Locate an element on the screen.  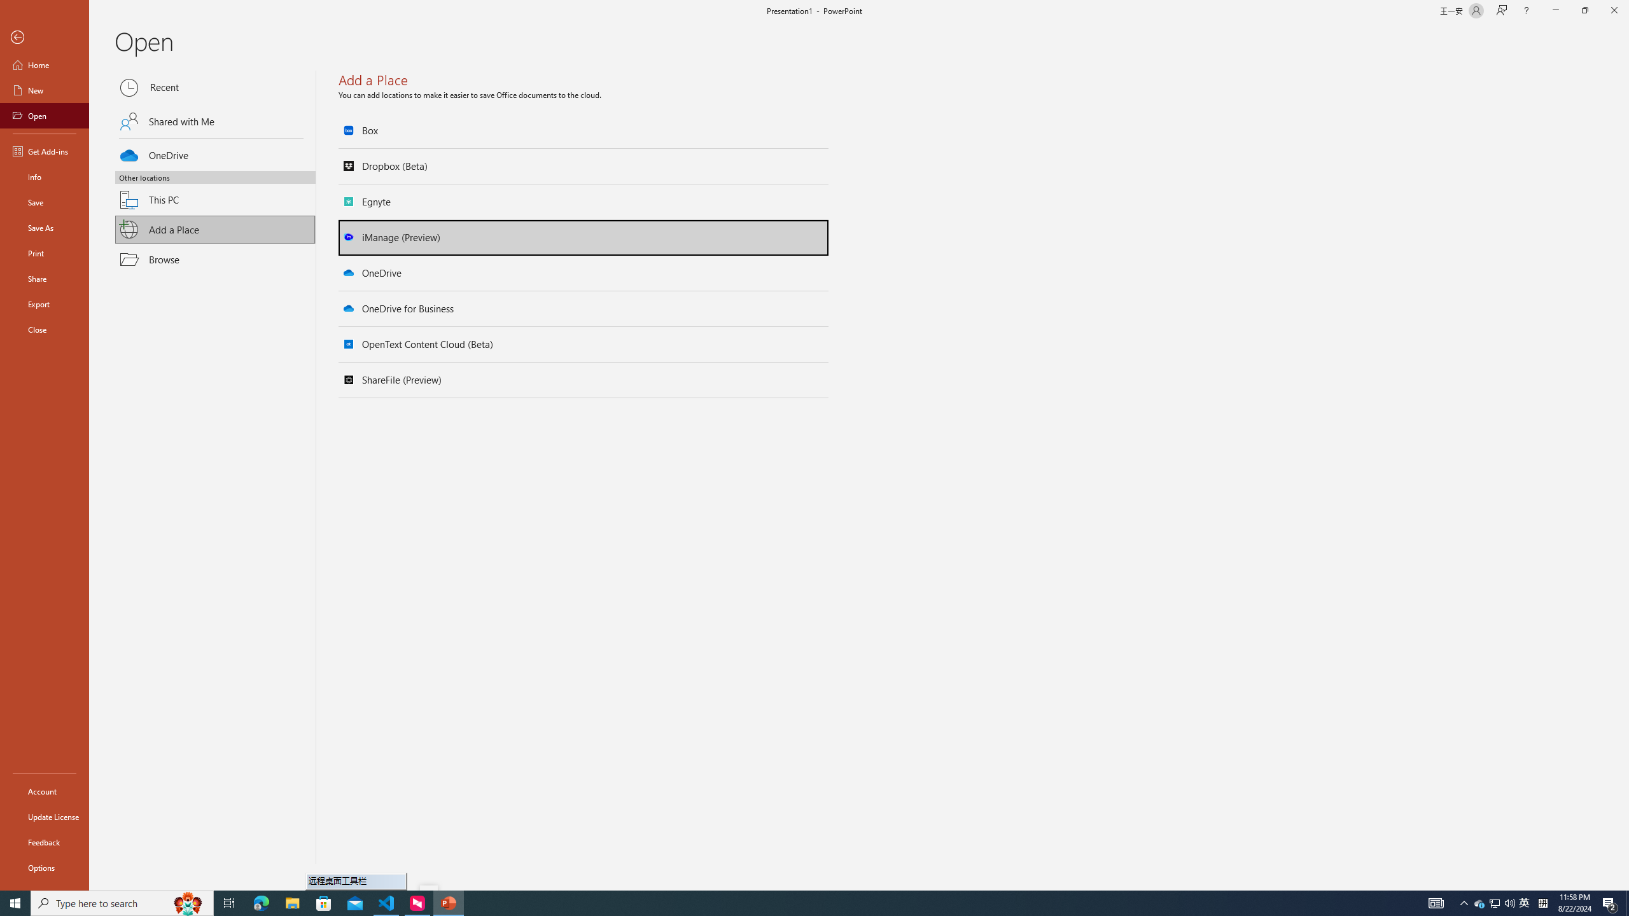
'Export' is located at coordinates (44, 304).